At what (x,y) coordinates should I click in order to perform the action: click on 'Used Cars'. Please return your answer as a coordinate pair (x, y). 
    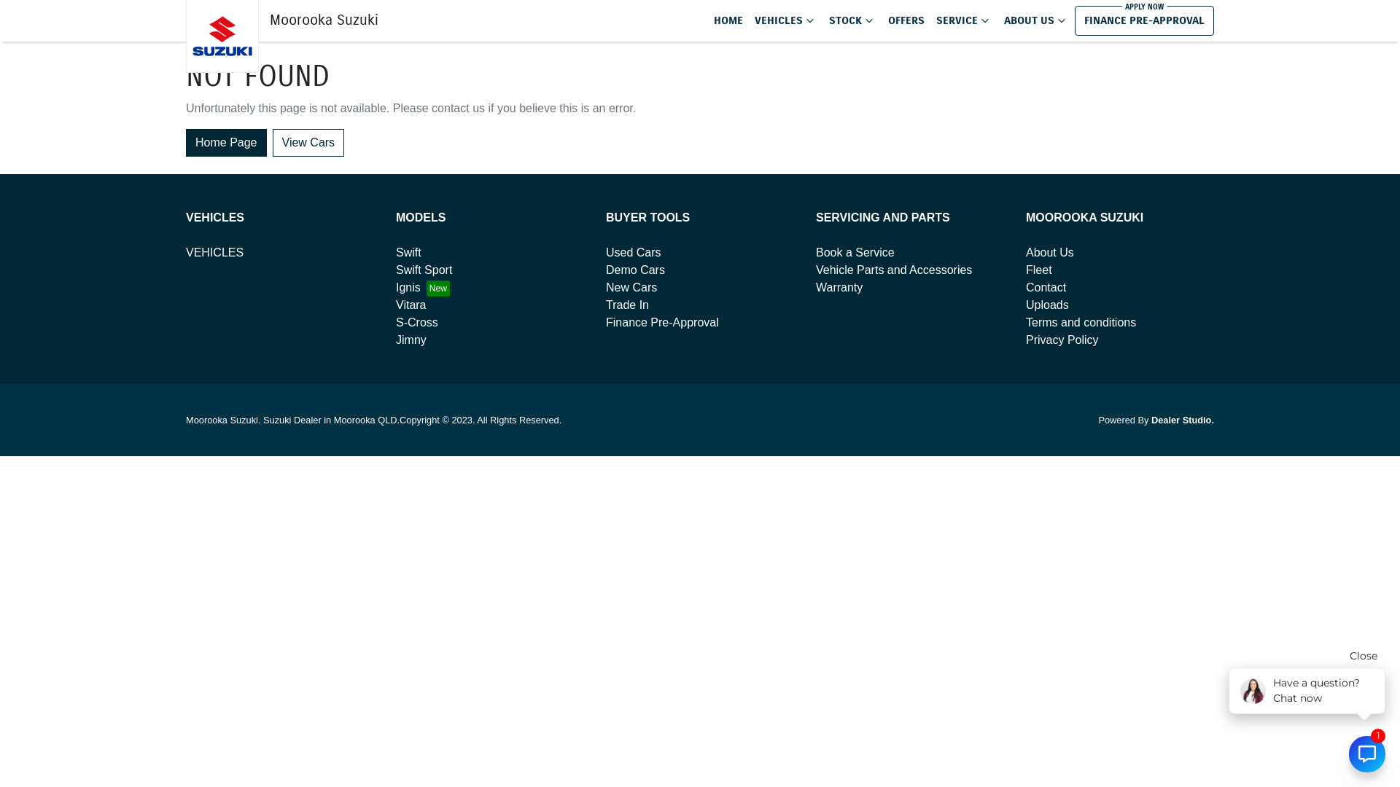
    Looking at the image, I should click on (633, 251).